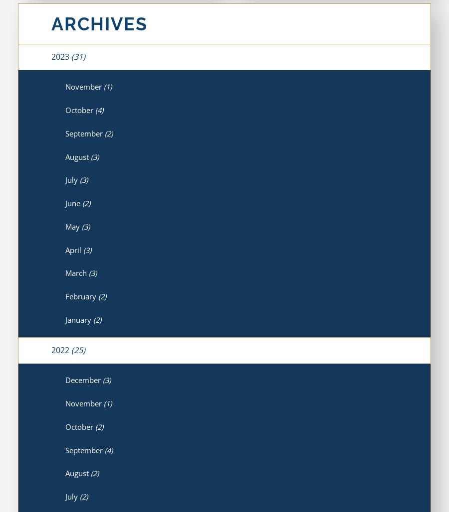 Image resolution: width=449 pixels, height=512 pixels. What do you see at coordinates (86, 106) in the screenshot?
I see `'Workplace Injuries'` at bounding box center [86, 106].